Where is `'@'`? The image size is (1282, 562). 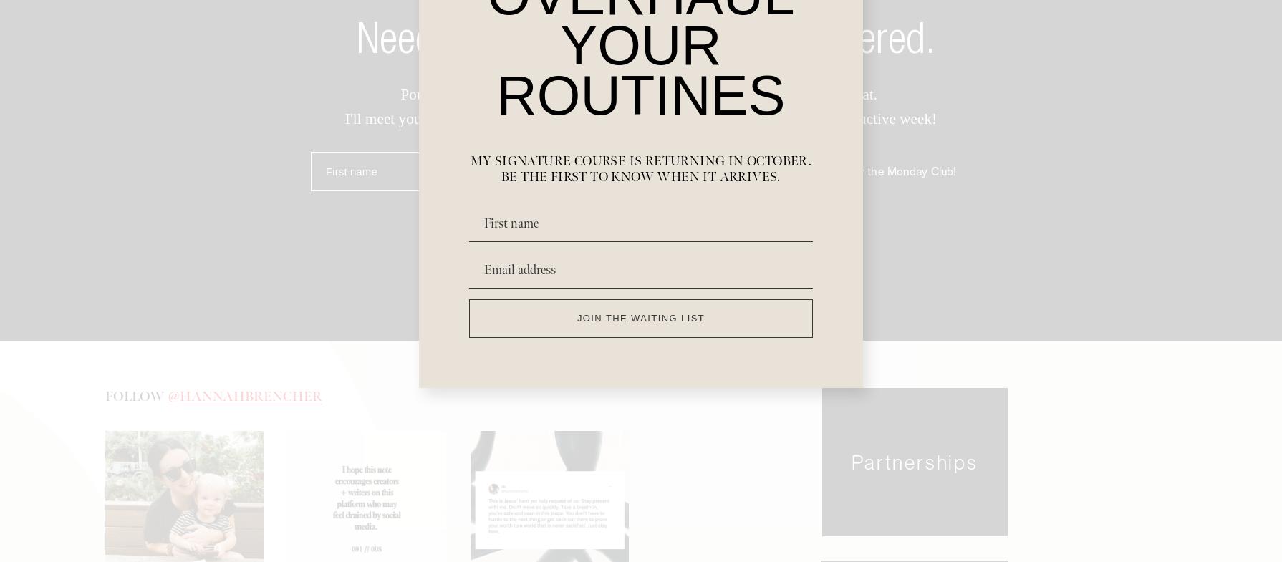
'@' is located at coordinates (173, 401).